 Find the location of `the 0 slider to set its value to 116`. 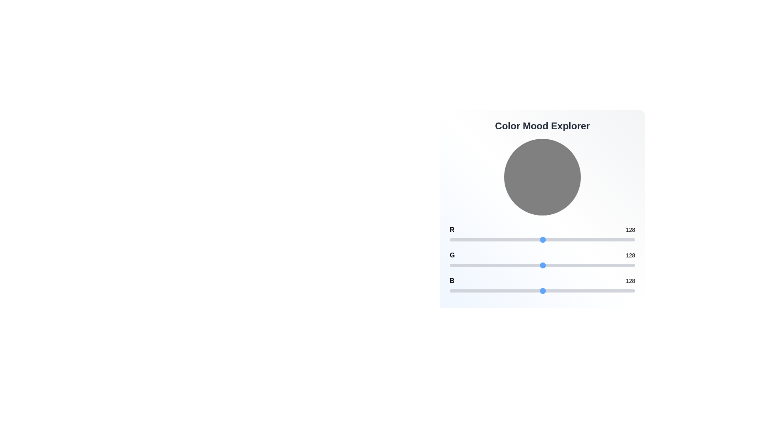

the 0 slider to set its value to 116 is located at coordinates (534, 239).